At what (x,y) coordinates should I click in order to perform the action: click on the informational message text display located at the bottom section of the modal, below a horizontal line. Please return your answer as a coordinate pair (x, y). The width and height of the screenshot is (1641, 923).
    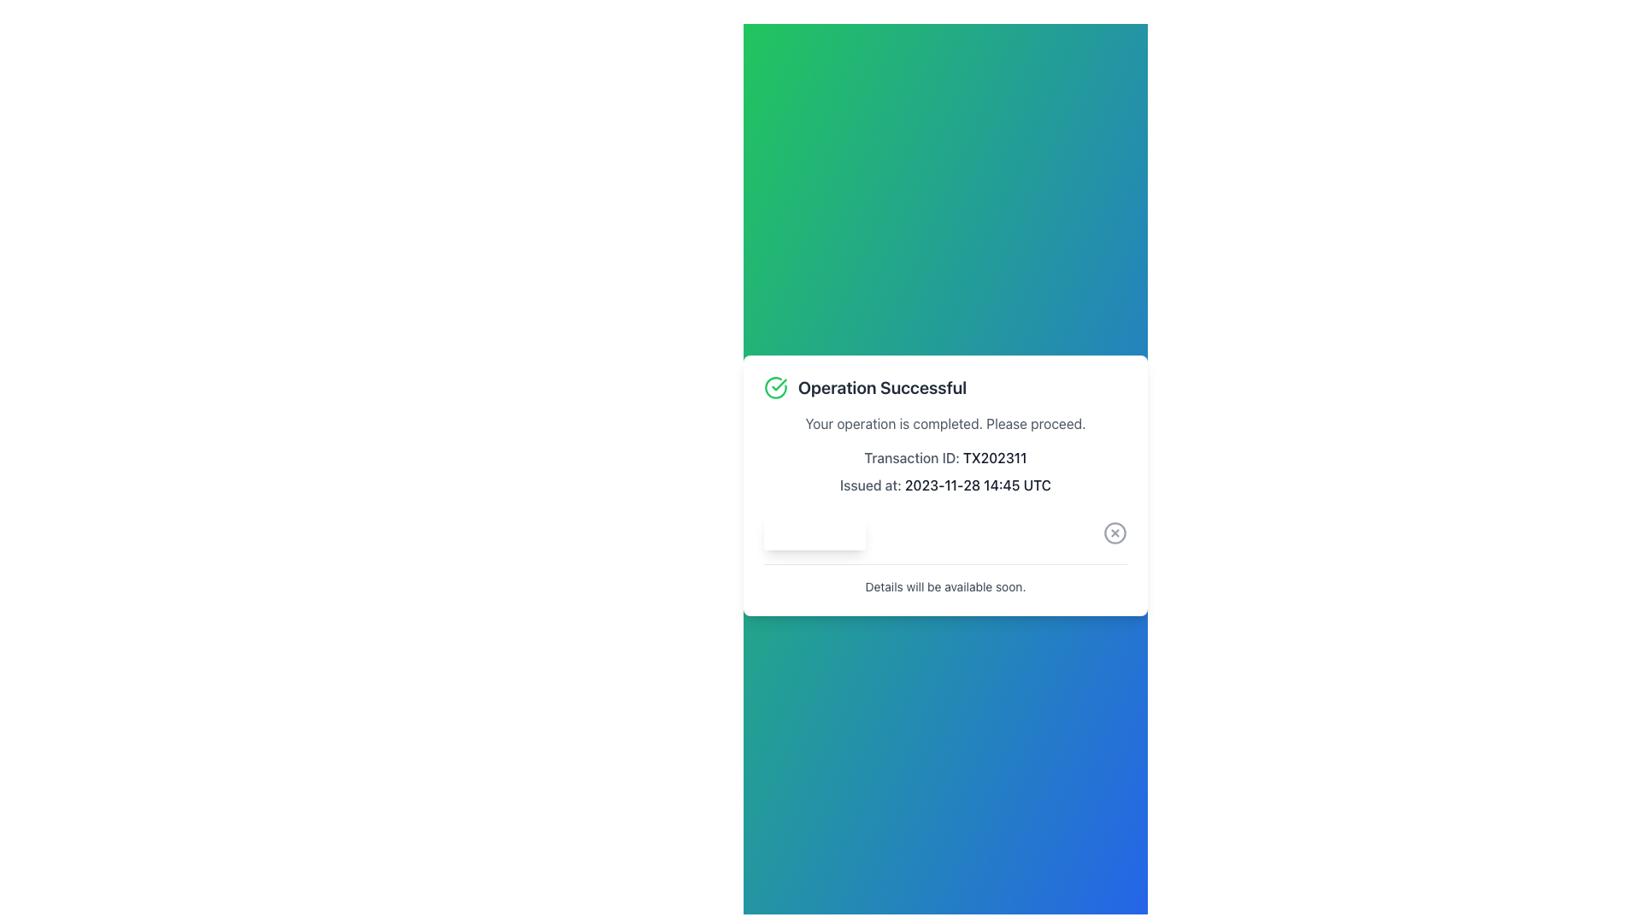
    Looking at the image, I should click on (944, 585).